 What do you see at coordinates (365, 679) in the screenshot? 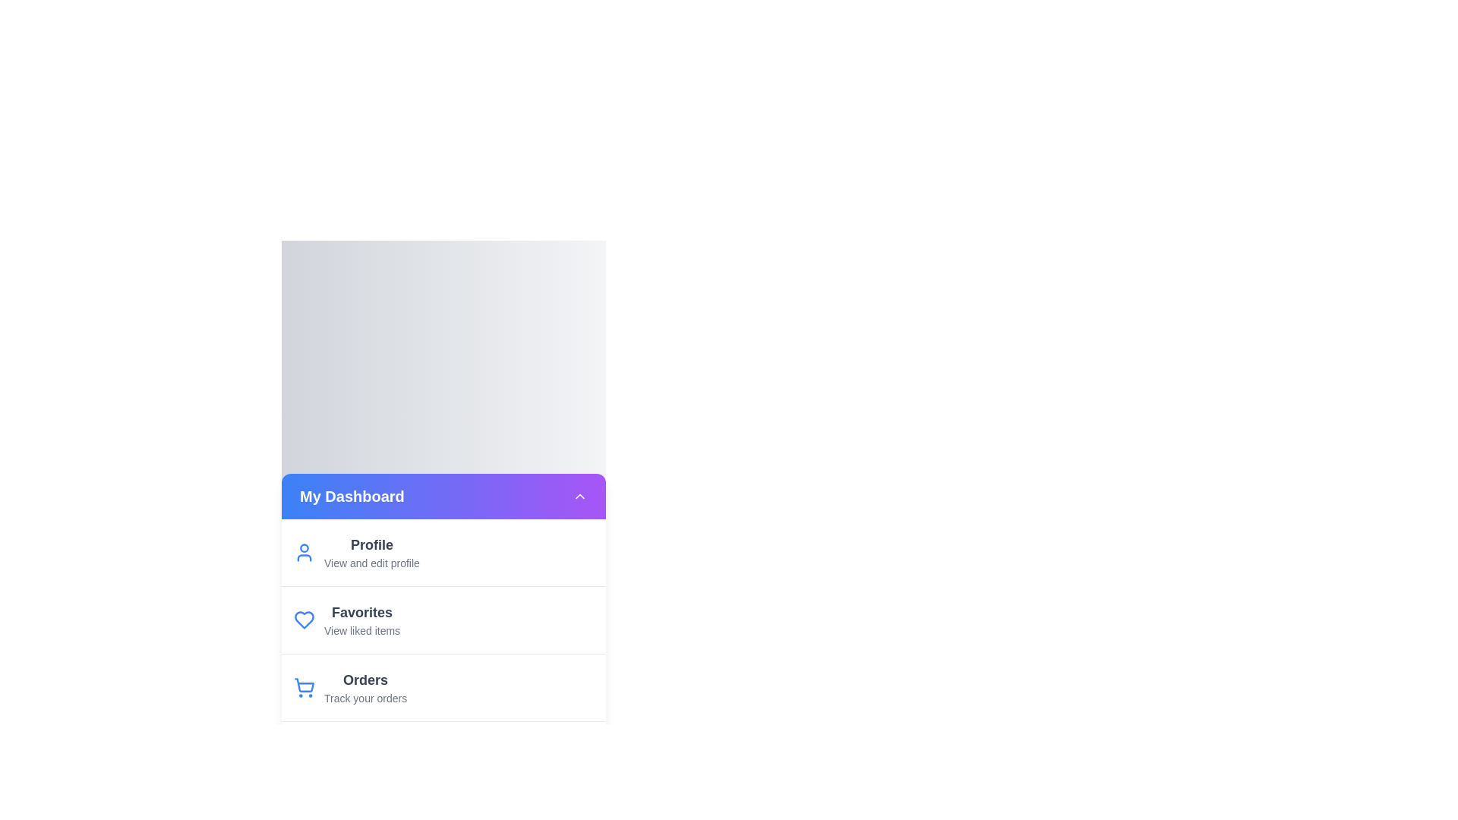
I see `the menu item labeled 'Orders' to reveal its description` at bounding box center [365, 679].